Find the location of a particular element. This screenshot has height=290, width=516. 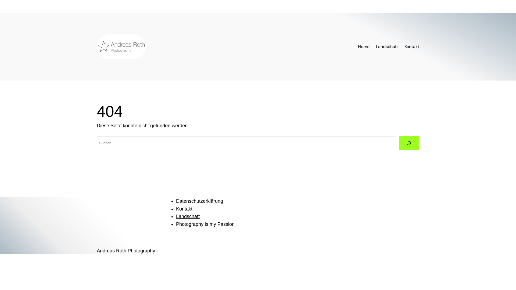

'Home' is located at coordinates (364, 46).